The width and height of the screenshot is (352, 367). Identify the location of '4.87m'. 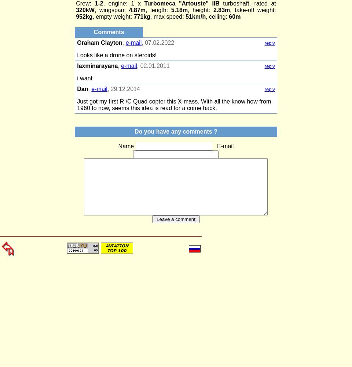
(126, 10).